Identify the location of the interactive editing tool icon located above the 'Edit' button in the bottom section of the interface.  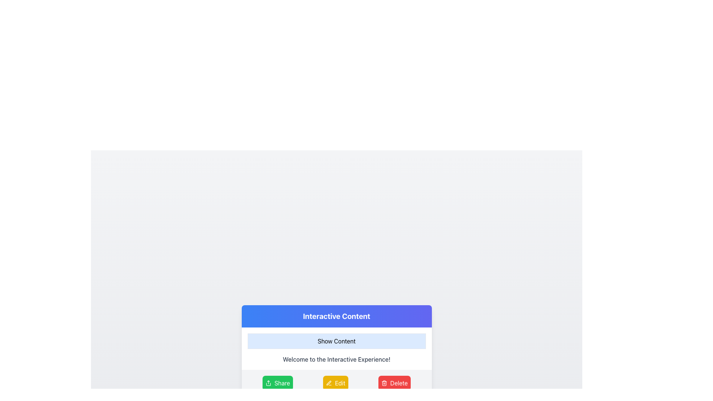
(328, 383).